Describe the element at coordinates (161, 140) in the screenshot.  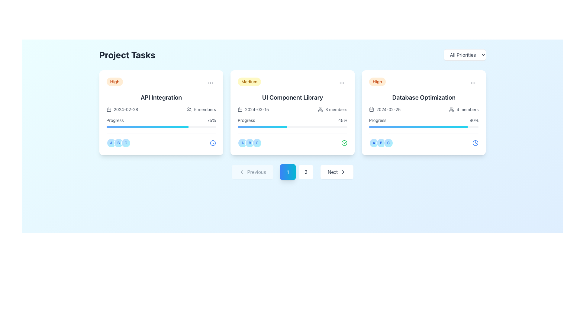
I see `the avatar icons labeled 'A', 'B', and 'C' in the composite UI component located at the bottom of the 'API Integration' card for additional information` at that location.